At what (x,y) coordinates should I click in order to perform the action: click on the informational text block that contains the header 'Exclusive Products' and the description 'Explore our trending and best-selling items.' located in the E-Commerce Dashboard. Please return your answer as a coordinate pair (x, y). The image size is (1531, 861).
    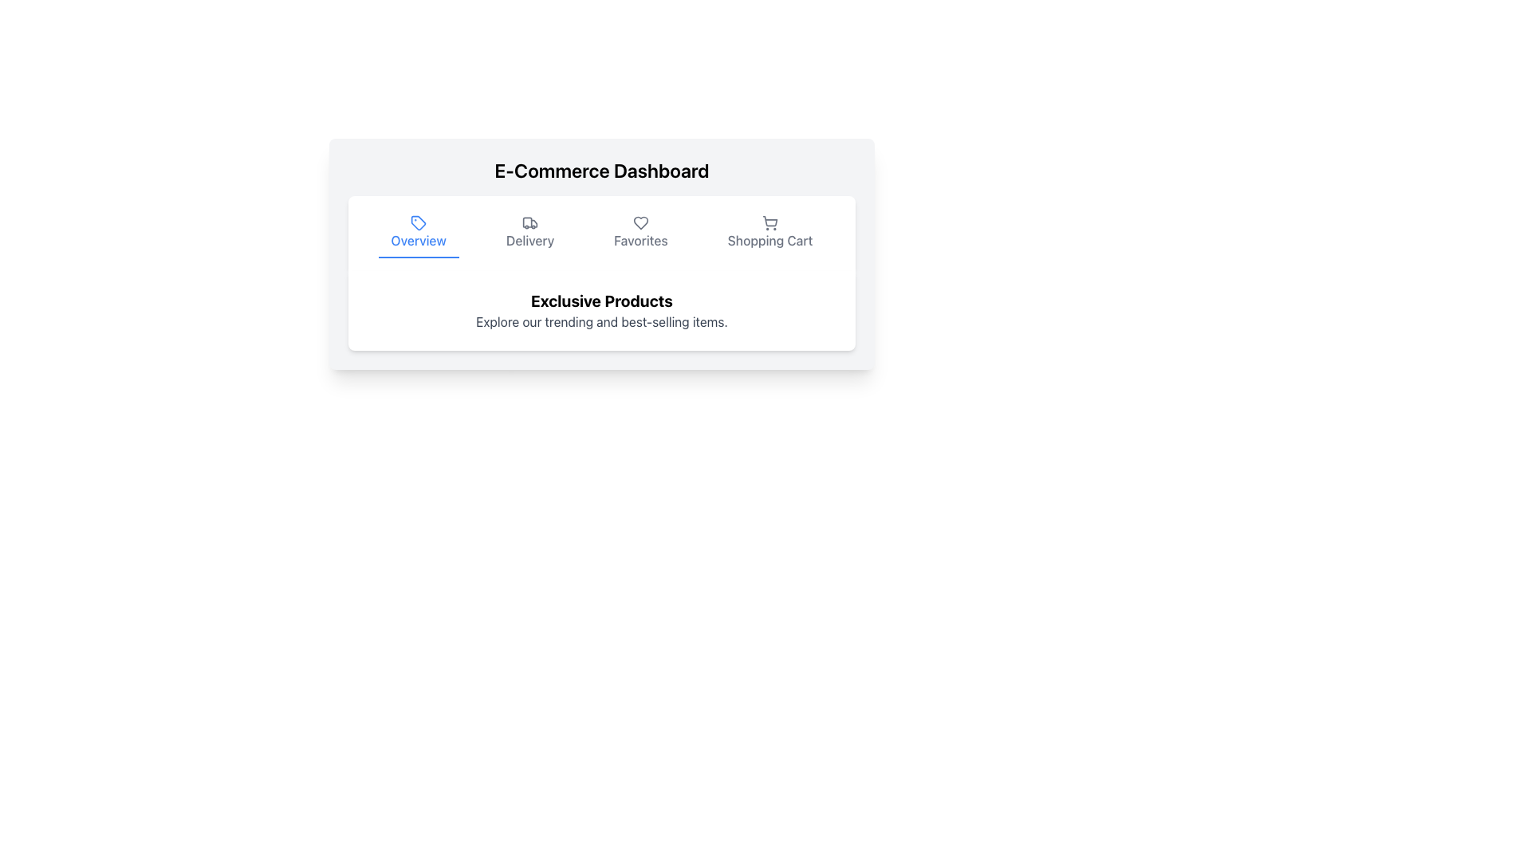
    Looking at the image, I should click on (600, 310).